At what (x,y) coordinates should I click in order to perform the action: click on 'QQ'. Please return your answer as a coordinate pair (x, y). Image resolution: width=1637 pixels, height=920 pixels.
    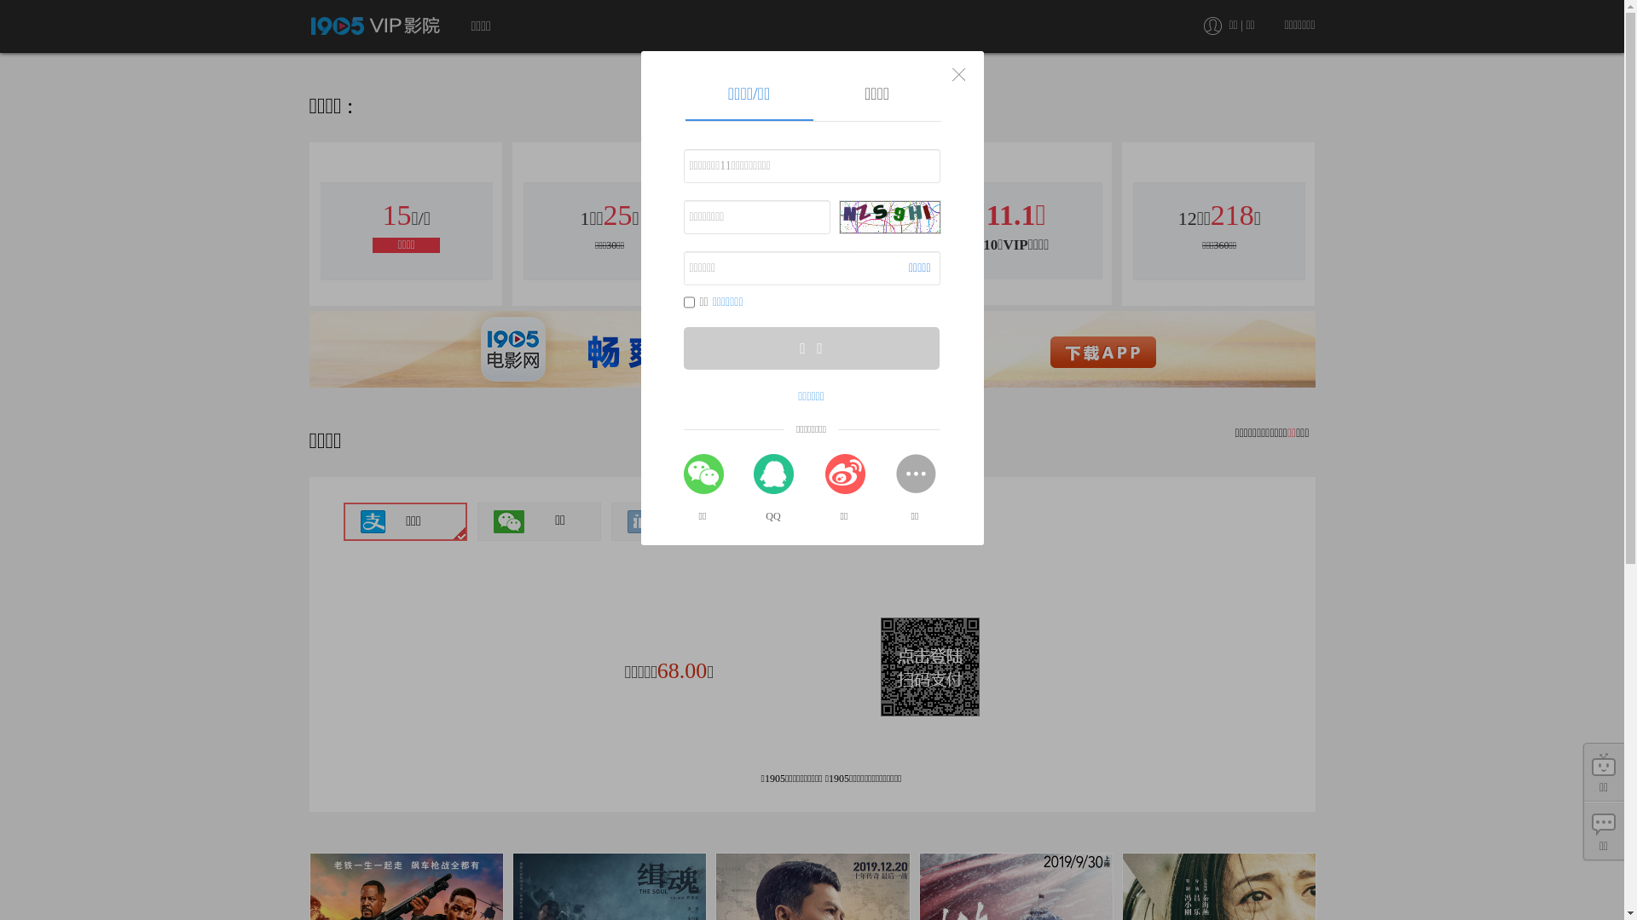
    Looking at the image, I should click on (772, 485).